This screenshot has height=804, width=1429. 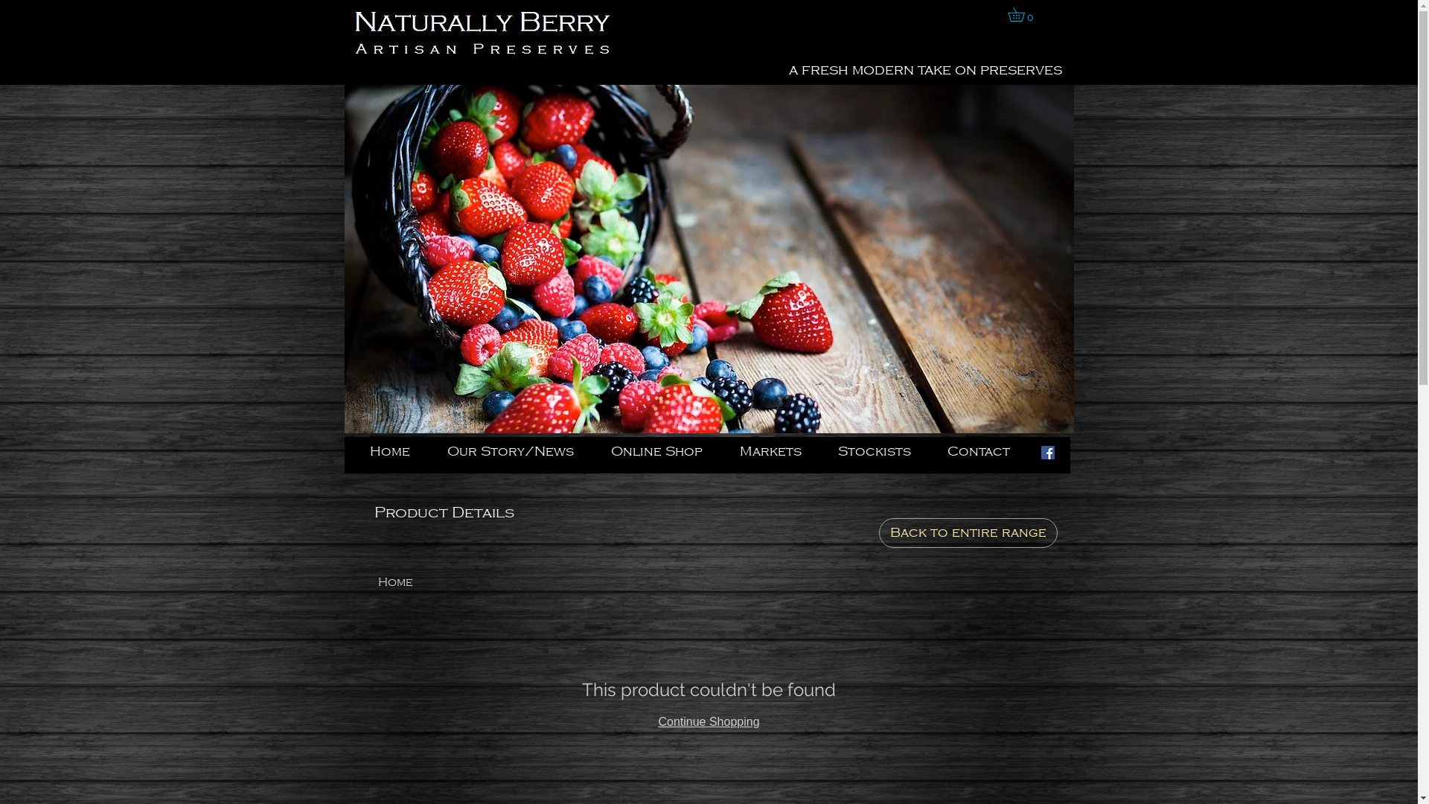 I want to click on 'Home', so click(x=397, y=450).